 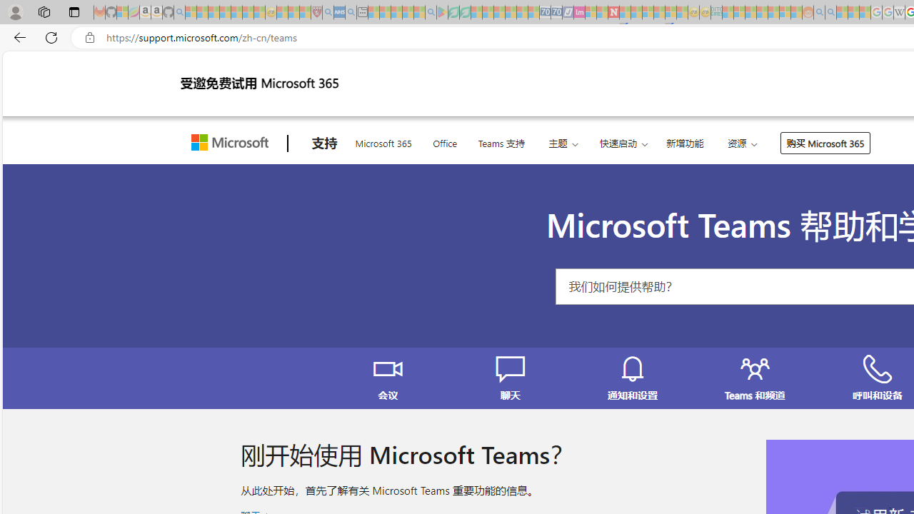 I want to click on 'Cheap Car Rentals - Save70.com - Sleeping', so click(x=544, y=12).